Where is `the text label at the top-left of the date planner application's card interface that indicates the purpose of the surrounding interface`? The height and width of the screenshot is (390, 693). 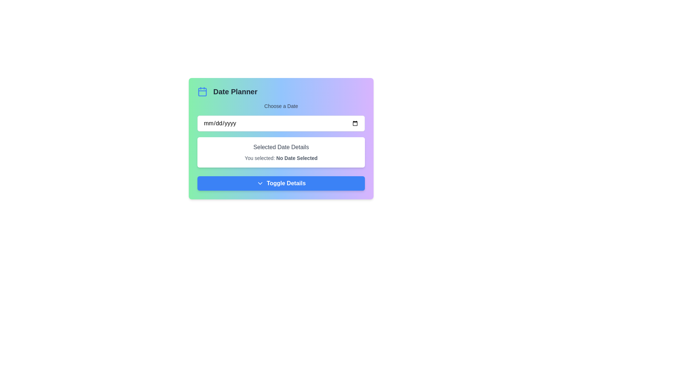
the text label at the top-left of the date planner application's card interface that indicates the purpose of the surrounding interface is located at coordinates (235, 91).